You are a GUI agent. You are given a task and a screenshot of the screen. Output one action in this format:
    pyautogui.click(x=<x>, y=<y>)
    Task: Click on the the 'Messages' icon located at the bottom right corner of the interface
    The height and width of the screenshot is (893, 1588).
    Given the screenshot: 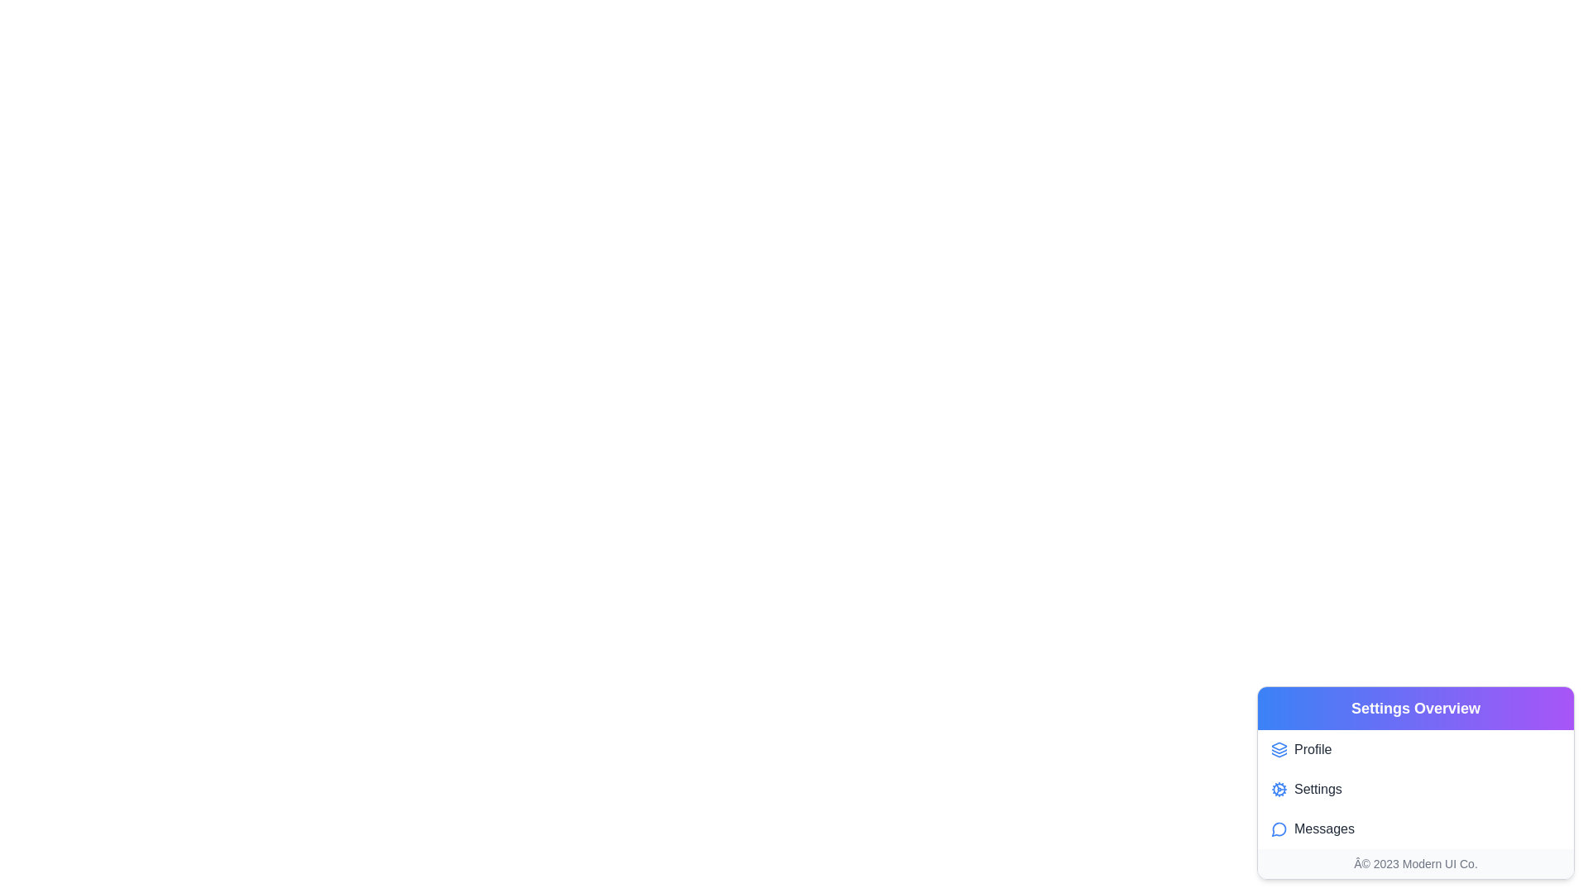 What is the action you would take?
    pyautogui.click(x=1278, y=829)
    